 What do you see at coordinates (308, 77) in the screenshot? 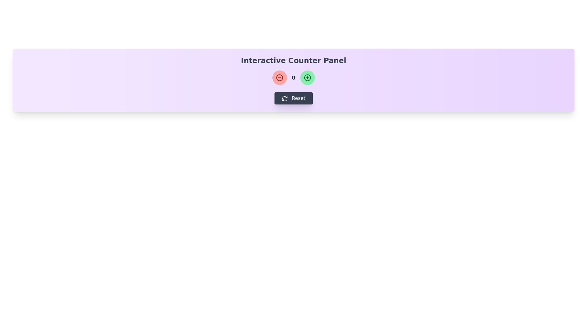
I see `the increment counter button located in the center-right of the interactive counter panel, immediately to the right of the numeric display` at bounding box center [308, 77].